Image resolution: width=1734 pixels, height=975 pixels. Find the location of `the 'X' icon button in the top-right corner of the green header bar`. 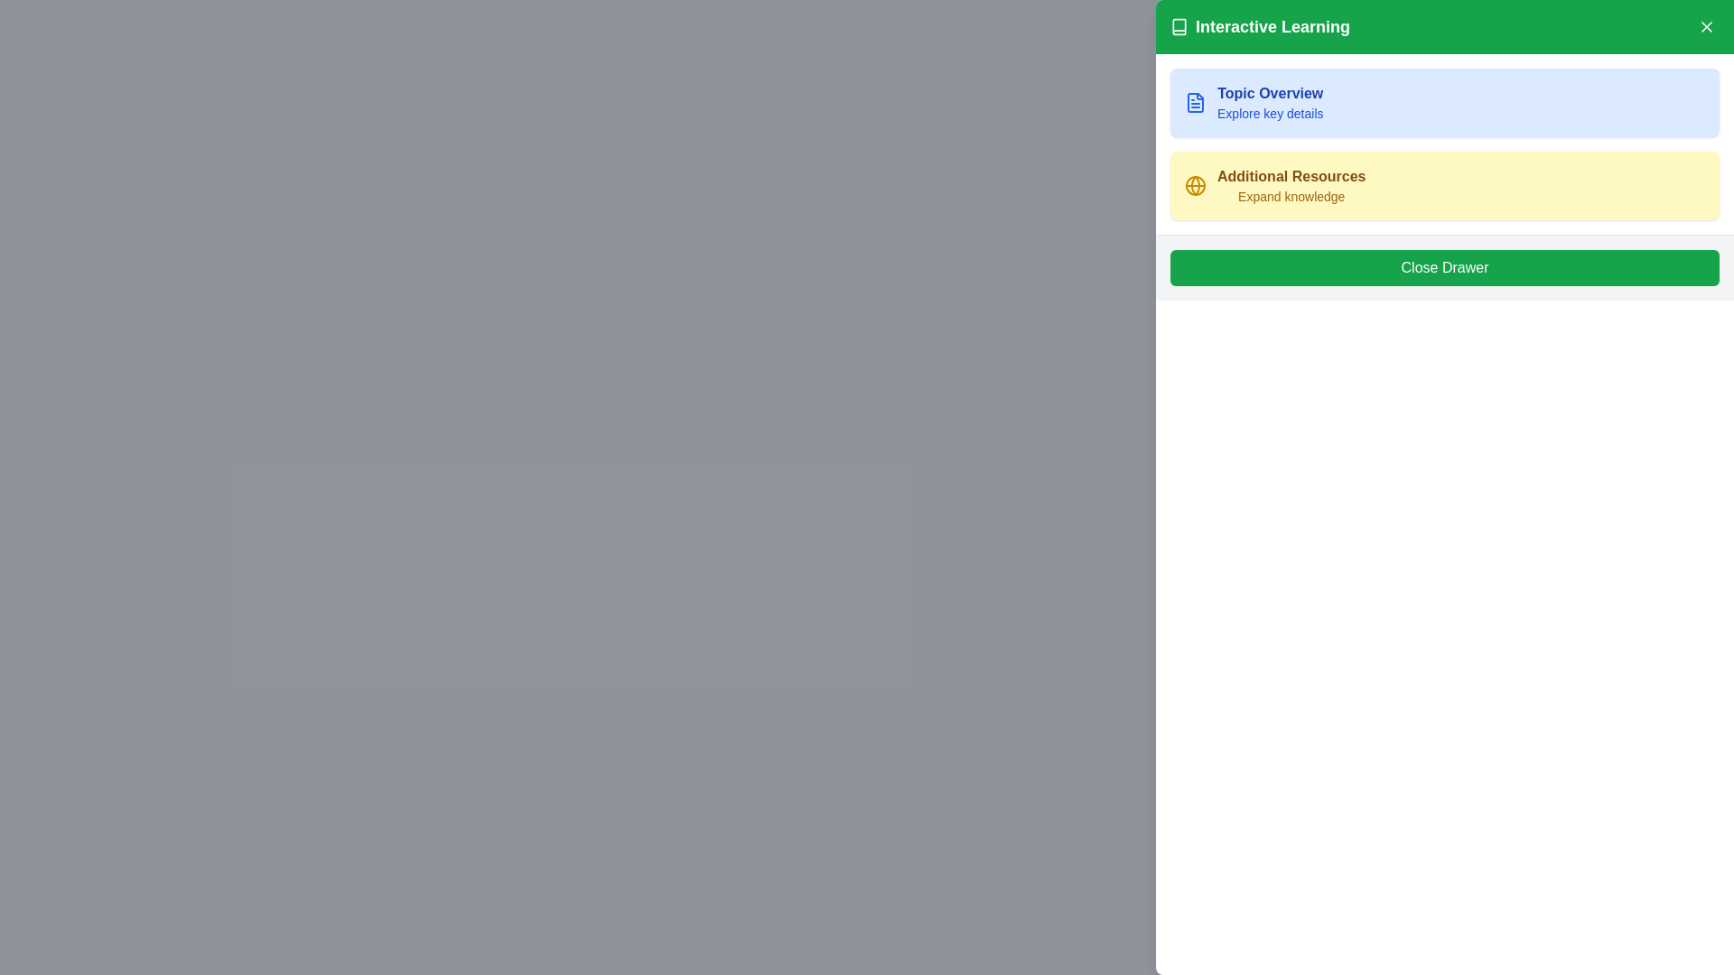

the 'X' icon button in the top-right corner of the green header bar is located at coordinates (1706, 27).